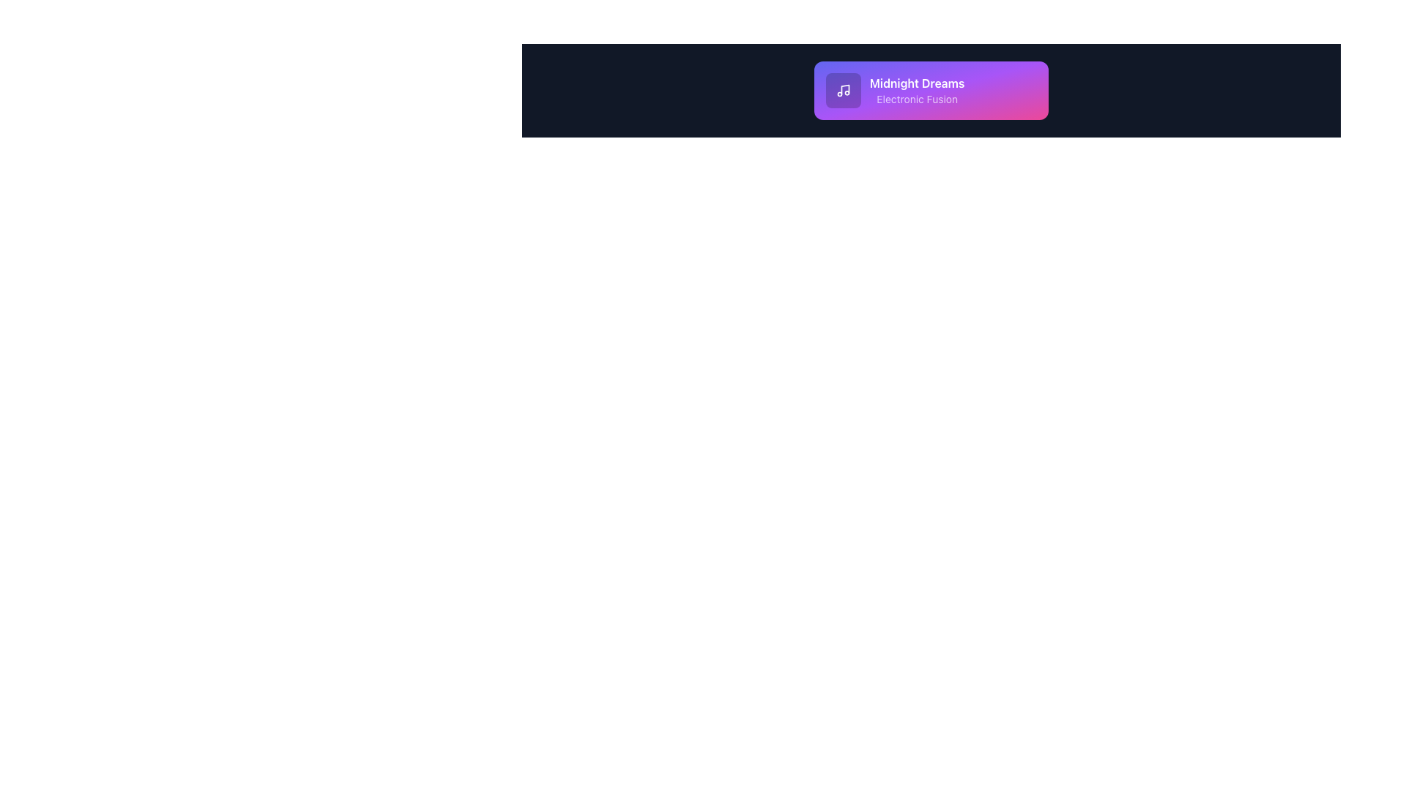  I want to click on the musical note icon with a white outline on a purple background, located before the text 'Midnight Dreams.', so click(844, 90).